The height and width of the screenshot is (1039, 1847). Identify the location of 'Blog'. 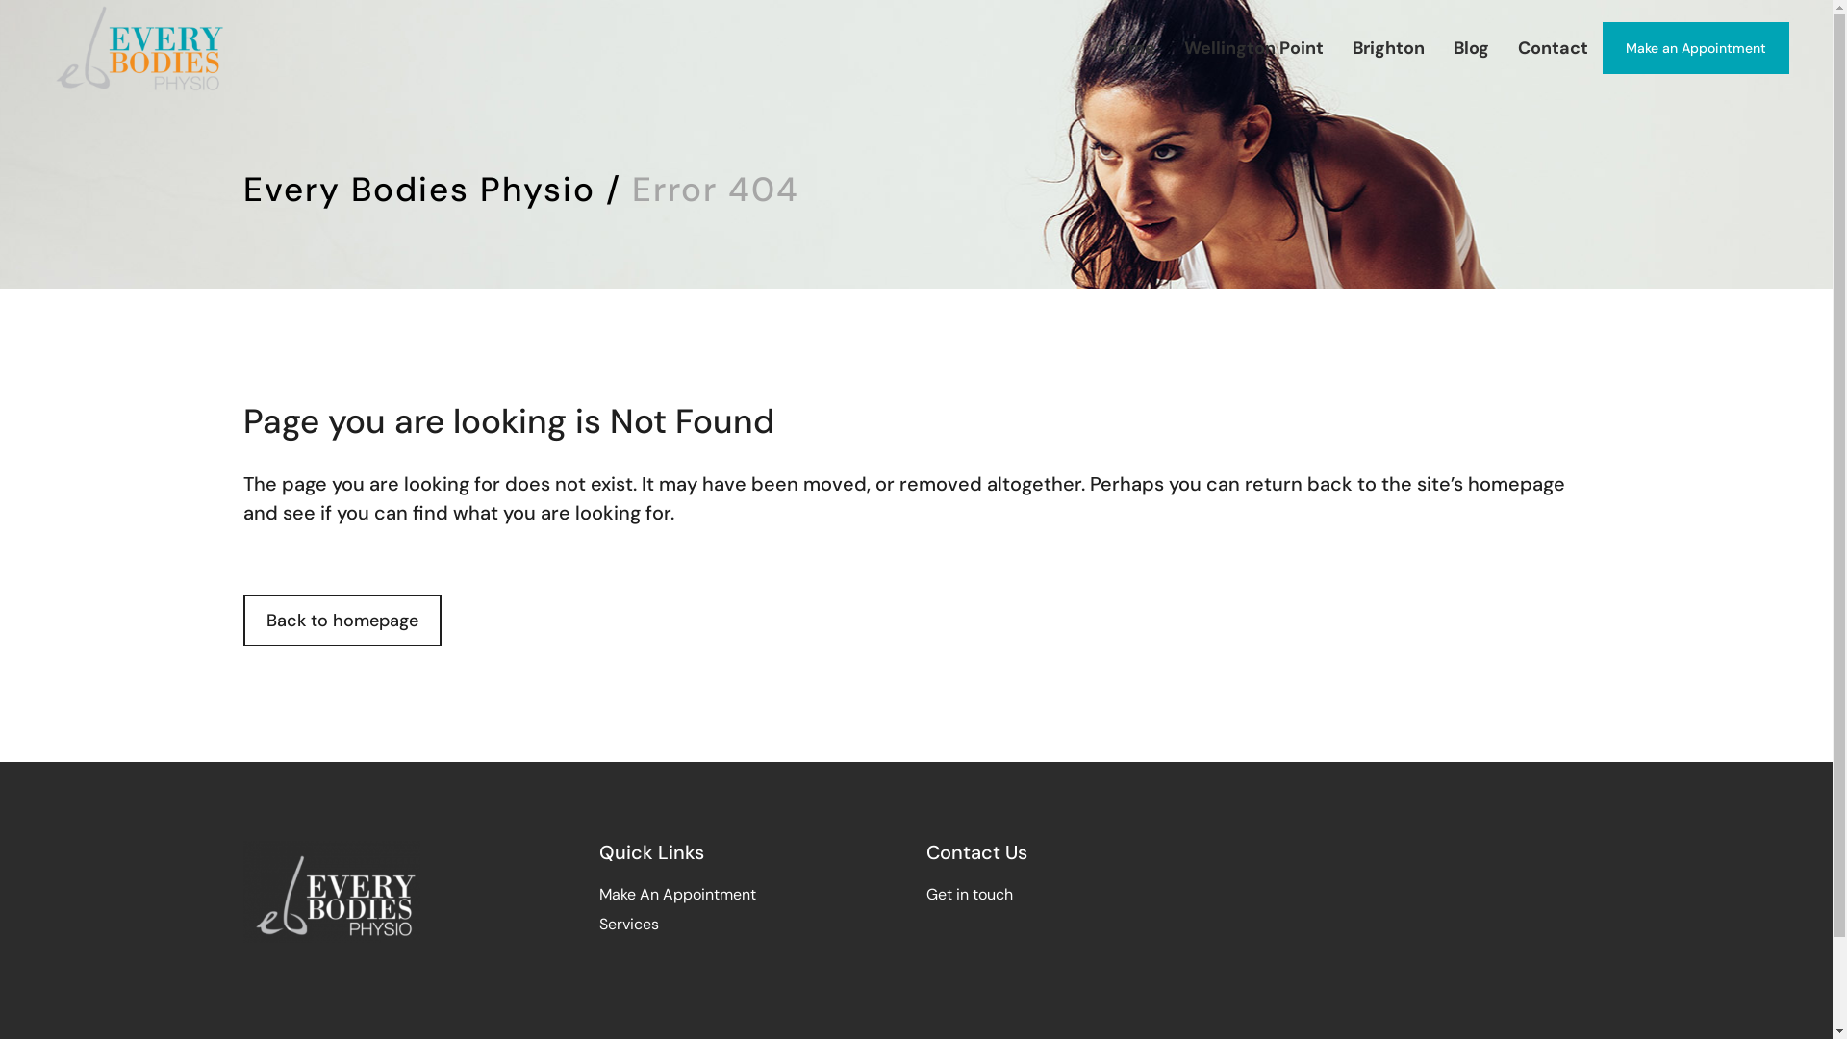
(1470, 47).